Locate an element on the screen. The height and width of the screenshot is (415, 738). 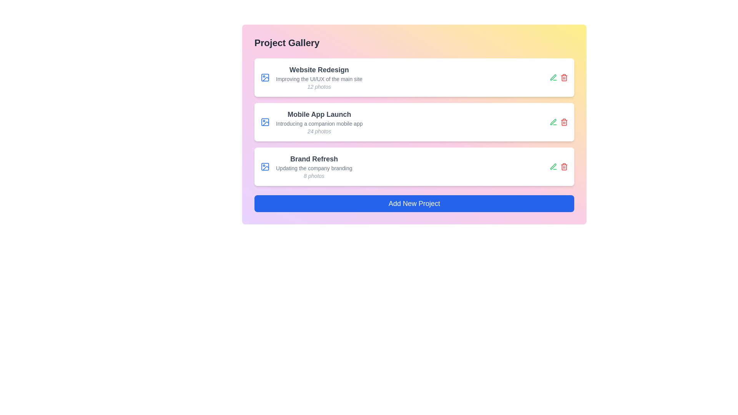
delete icon next to the project named Brand Refresh to delete it is located at coordinates (564, 166).